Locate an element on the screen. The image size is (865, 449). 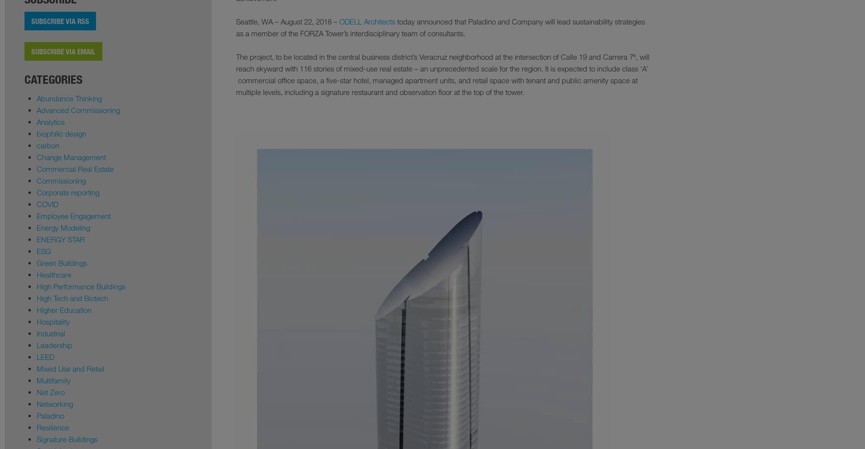
'High Performance Buildings' is located at coordinates (80, 286).